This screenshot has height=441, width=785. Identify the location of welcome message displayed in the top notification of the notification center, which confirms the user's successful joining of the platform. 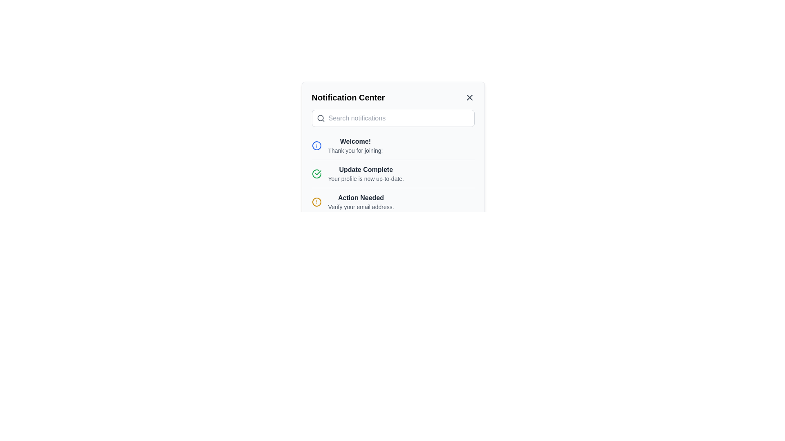
(393, 145).